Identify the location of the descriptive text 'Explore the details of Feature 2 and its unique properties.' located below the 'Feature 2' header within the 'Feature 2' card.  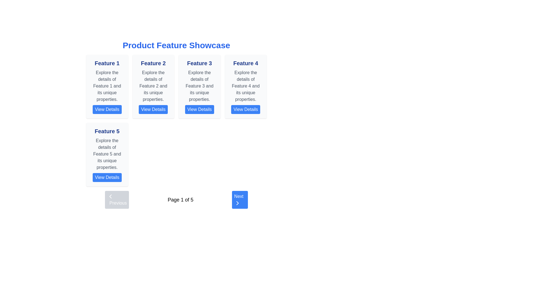
(153, 86).